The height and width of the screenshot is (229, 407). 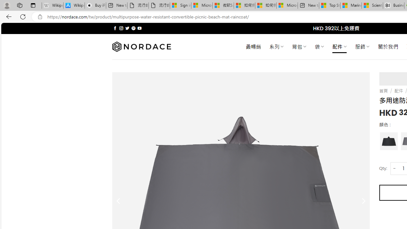 I want to click on 'Wikipedia - Sleeping', so click(x=52, y=5).